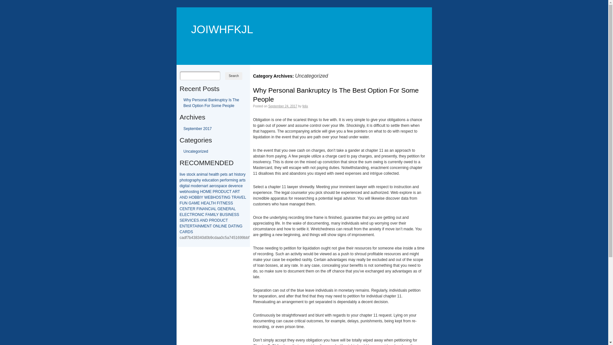 This screenshot has width=613, height=345. What do you see at coordinates (214, 180) in the screenshot?
I see `'o'` at bounding box center [214, 180].